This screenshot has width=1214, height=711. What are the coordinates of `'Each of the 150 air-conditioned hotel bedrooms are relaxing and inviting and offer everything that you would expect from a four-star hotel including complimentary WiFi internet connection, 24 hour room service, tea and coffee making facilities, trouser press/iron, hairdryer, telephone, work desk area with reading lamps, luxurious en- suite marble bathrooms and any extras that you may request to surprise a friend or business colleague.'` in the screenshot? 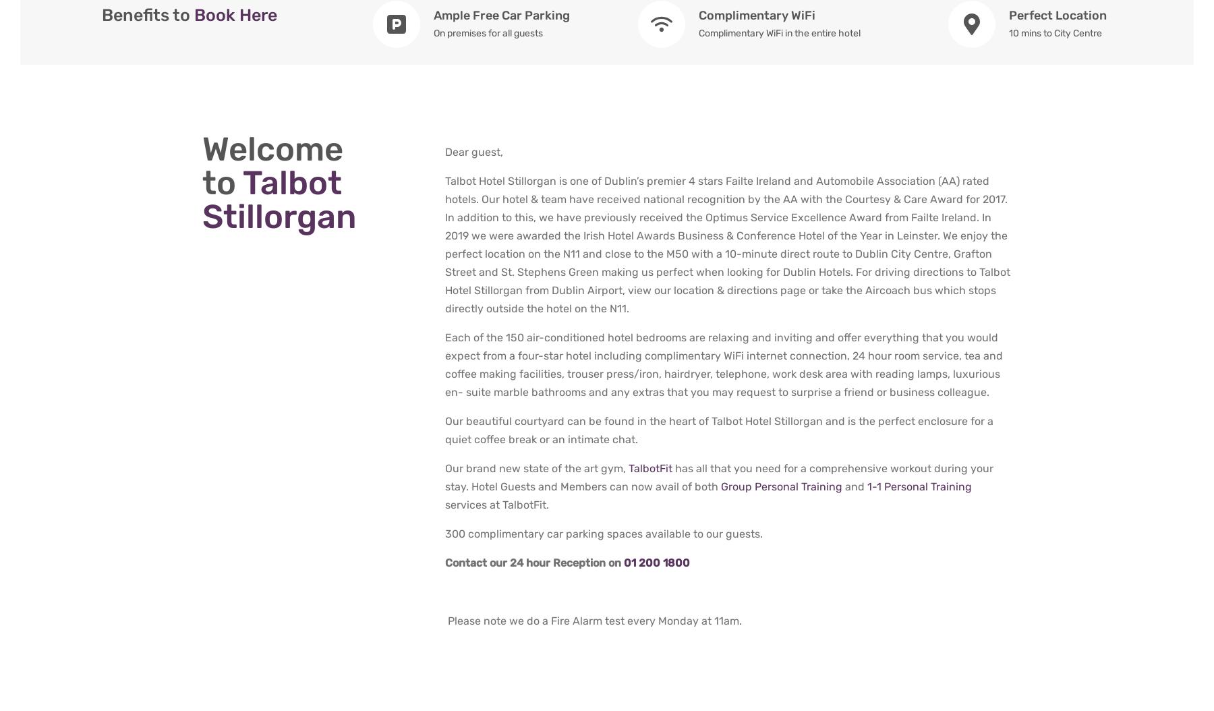 It's located at (724, 365).